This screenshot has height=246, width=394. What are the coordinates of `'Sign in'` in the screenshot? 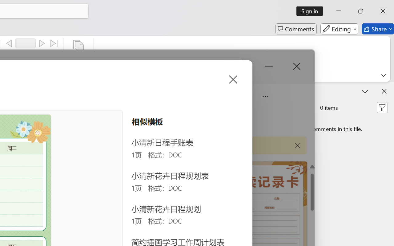 It's located at (312, 11).